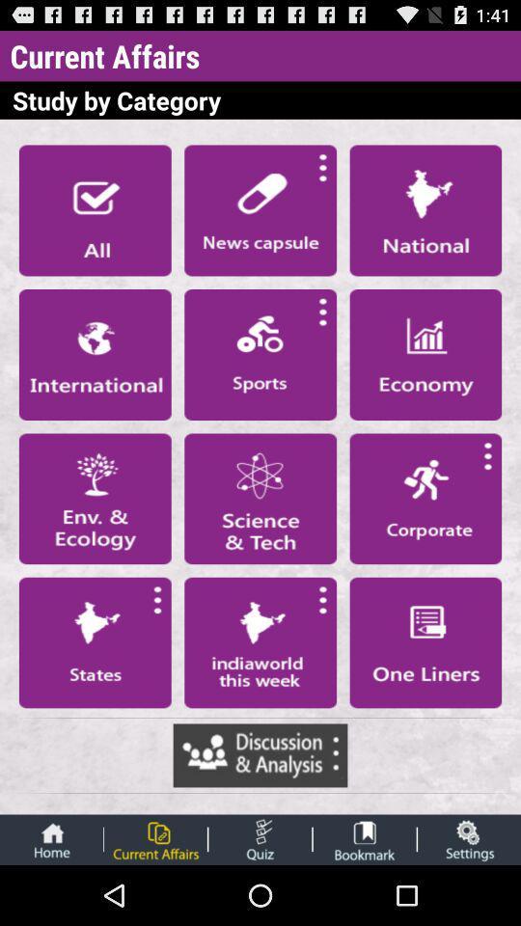 Image resolution: width=521 pixels, height=926 pixels. Describe the element at coordinates (94, 210) in the screenshot. I see `all category` at that location.